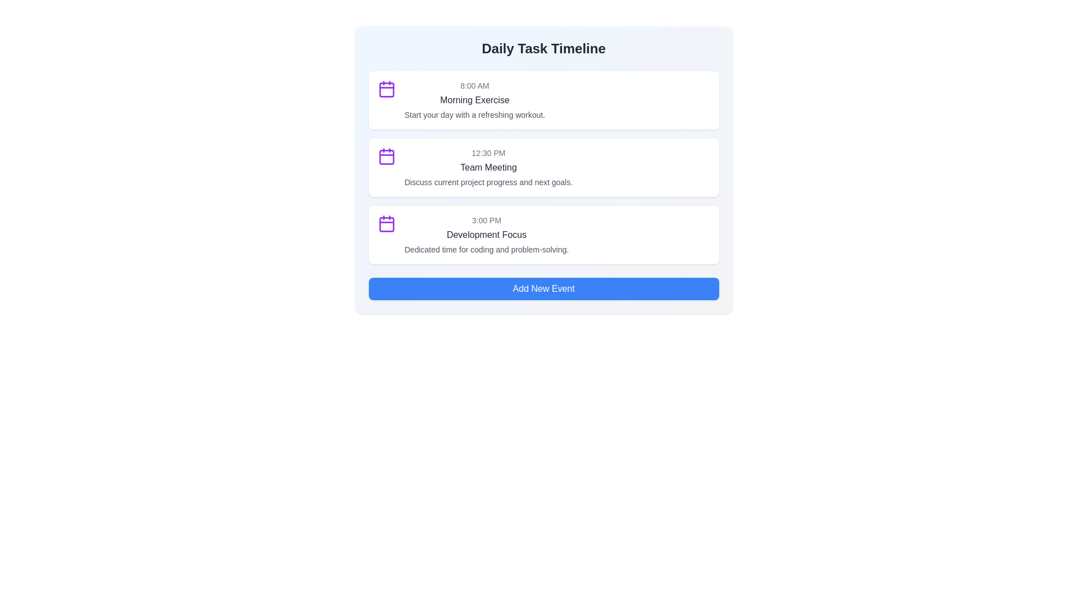 The image size is (1078, 606). What do you see at coordinates (488, 168) in the screenshot?
I see `the text label displaying 'Team Meeting' in gray, located in the timeline interface, positioned between '12:30 PM' and the project description` at bounding box center [488, 168].